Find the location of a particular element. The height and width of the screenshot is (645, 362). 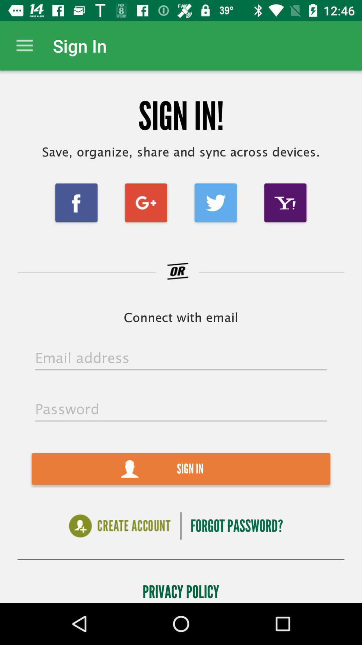

app to the left of sign in icon is located at coordinates (24, 45).